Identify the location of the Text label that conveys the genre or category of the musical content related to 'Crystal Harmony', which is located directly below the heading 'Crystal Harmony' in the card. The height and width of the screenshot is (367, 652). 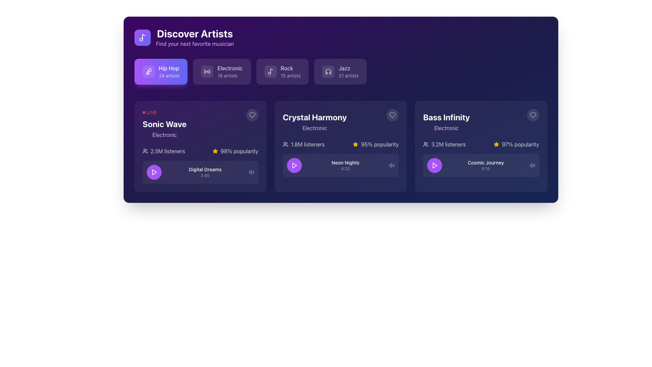
(314, 128).